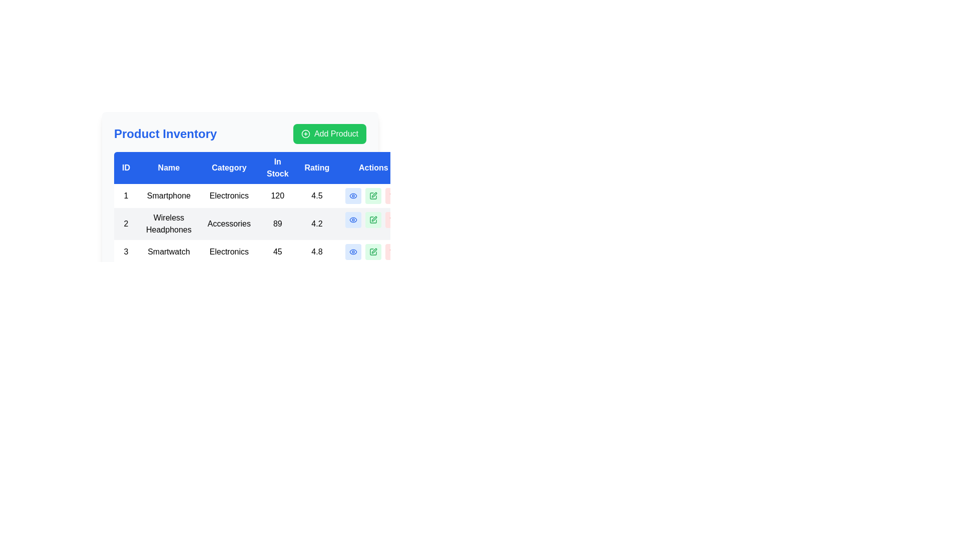  What do you see at coordinates (277, 167) in the screenshot?
I see `the table header cell labeled 'In Stock'` at bounding box center [277, 167].